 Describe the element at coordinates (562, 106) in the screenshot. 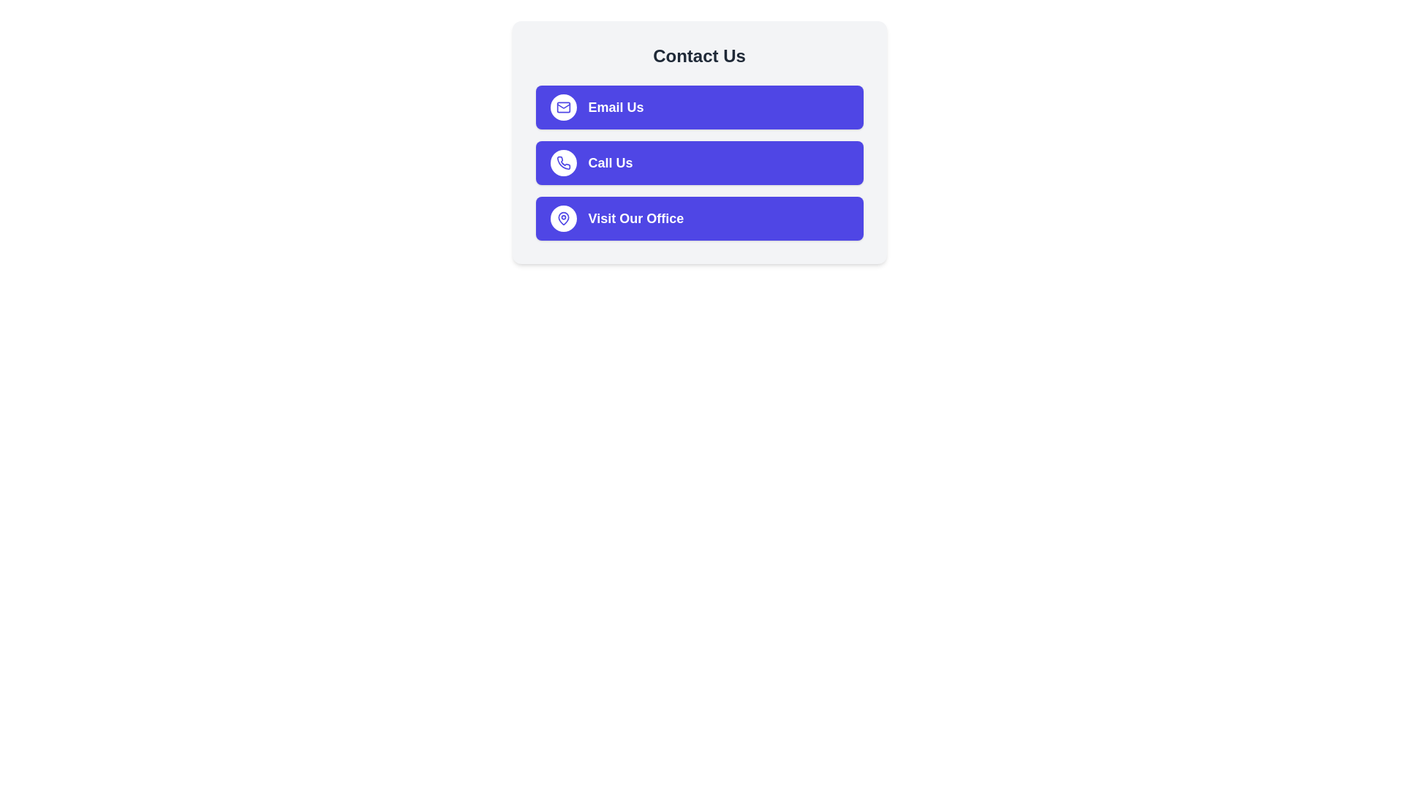

I see `the small mail icon located within the 'Email Us' button at the top of the 'Contact Us' section, which features a white background with an indigo-blue outline and a circular indigo background` at that location.